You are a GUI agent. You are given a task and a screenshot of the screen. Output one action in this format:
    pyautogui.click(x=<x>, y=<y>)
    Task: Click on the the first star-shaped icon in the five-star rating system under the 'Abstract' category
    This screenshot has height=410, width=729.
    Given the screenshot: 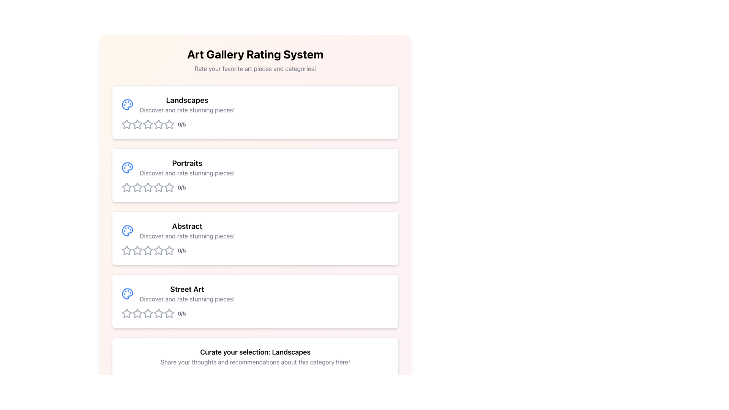 What is the action you would take?
    pyautogui.click(x=127, y=250)
    